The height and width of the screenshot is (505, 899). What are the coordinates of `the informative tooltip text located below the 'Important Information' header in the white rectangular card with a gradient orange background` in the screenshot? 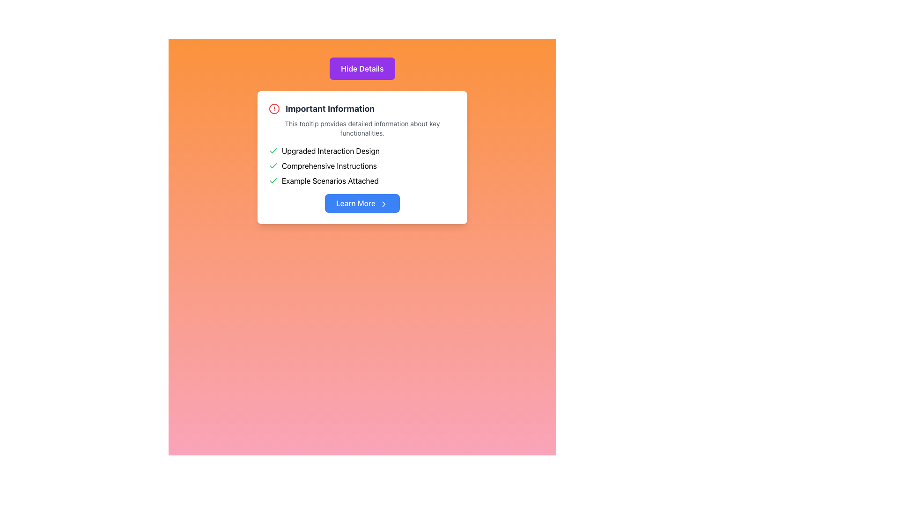 It's located at (361, 128).